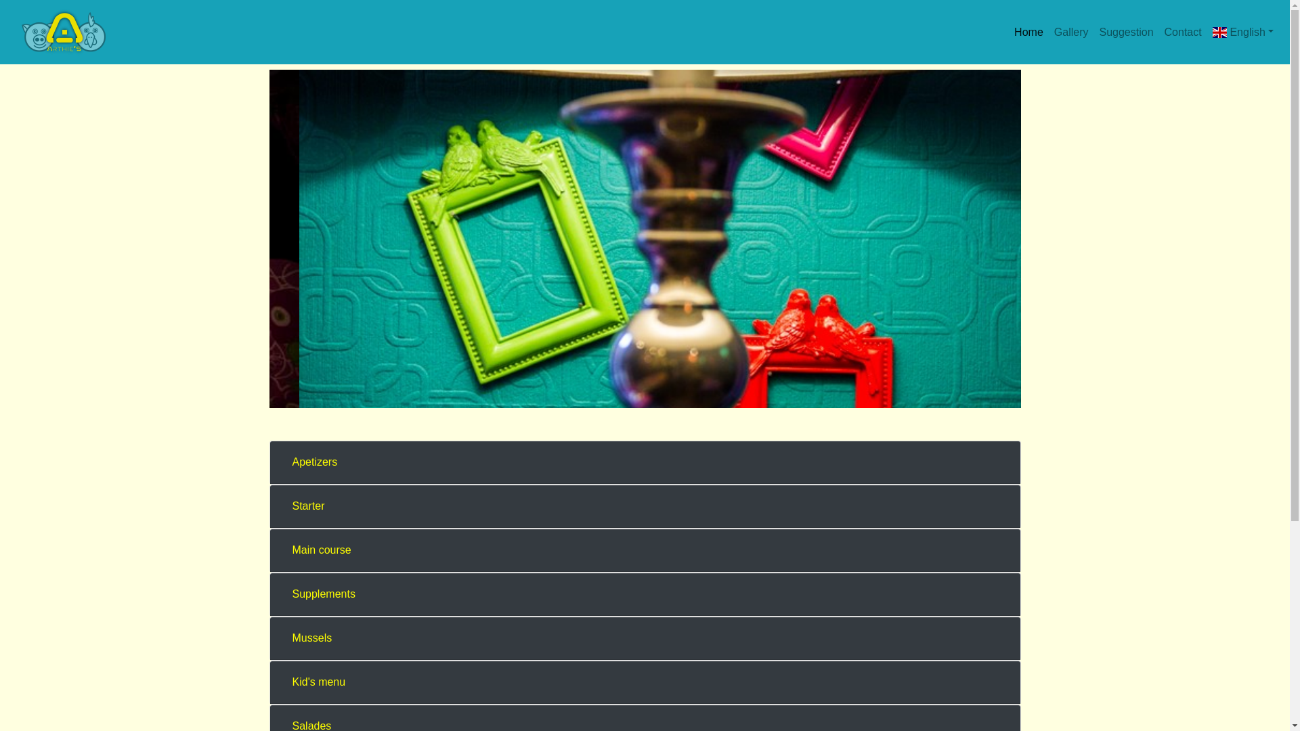  Describe the element at coordinates (1125, 31) in the screenshot. I see `'Suggestion'` at that location.